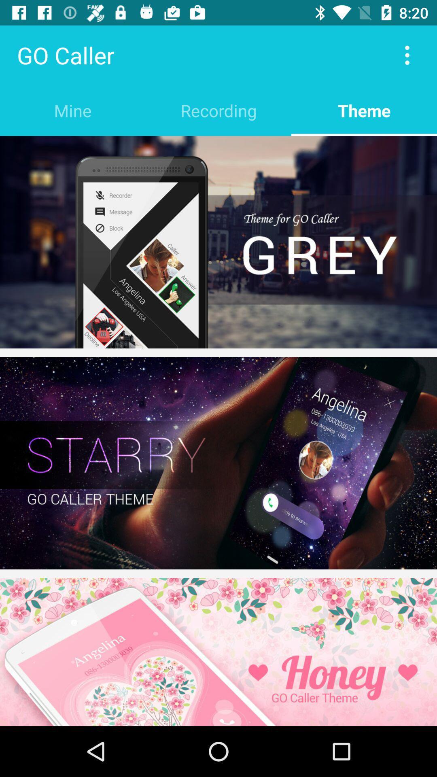  What do you see at coordinates (218, 110) in the screenshot?
I see `the item next to the mine icon` at bounding box center [218, 110].